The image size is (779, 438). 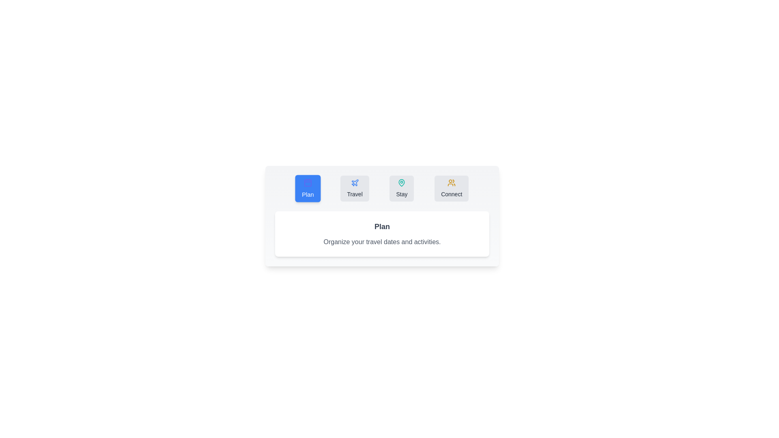 I want to click on the Stay tab to navigate to its content, so click(x=402, y=189).